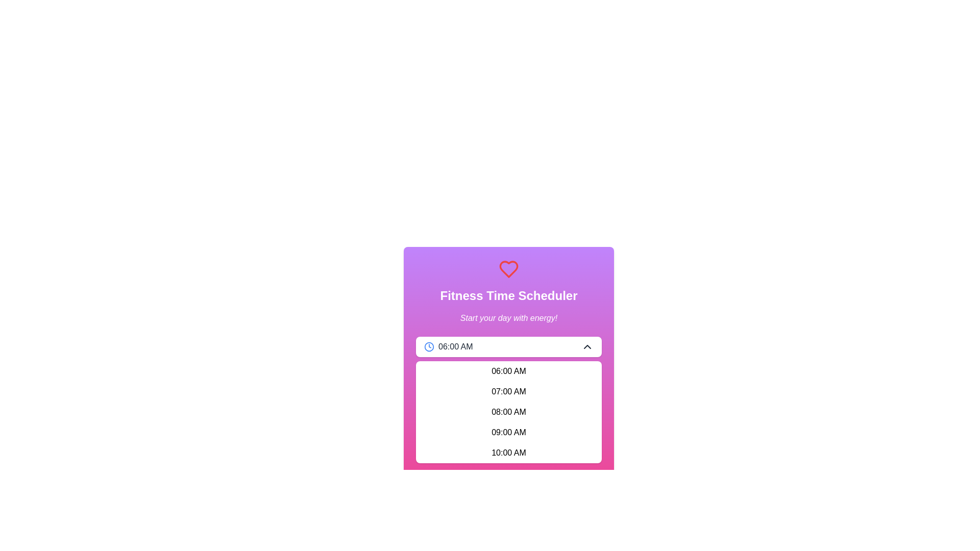 This screenshot has height=551, width=980. Describe the element at coordinates (509, 391) in the screenshot. I see `the list item displaying '07:00 AM'` at that location.